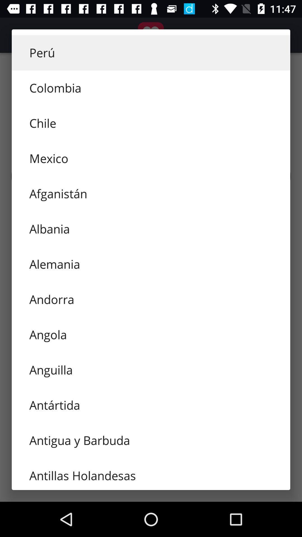 This screenshot has width=302, height=537. Describe the element at coordinates (151, 335) in the screenshot. I see `icon above anguilla icon` at that location.